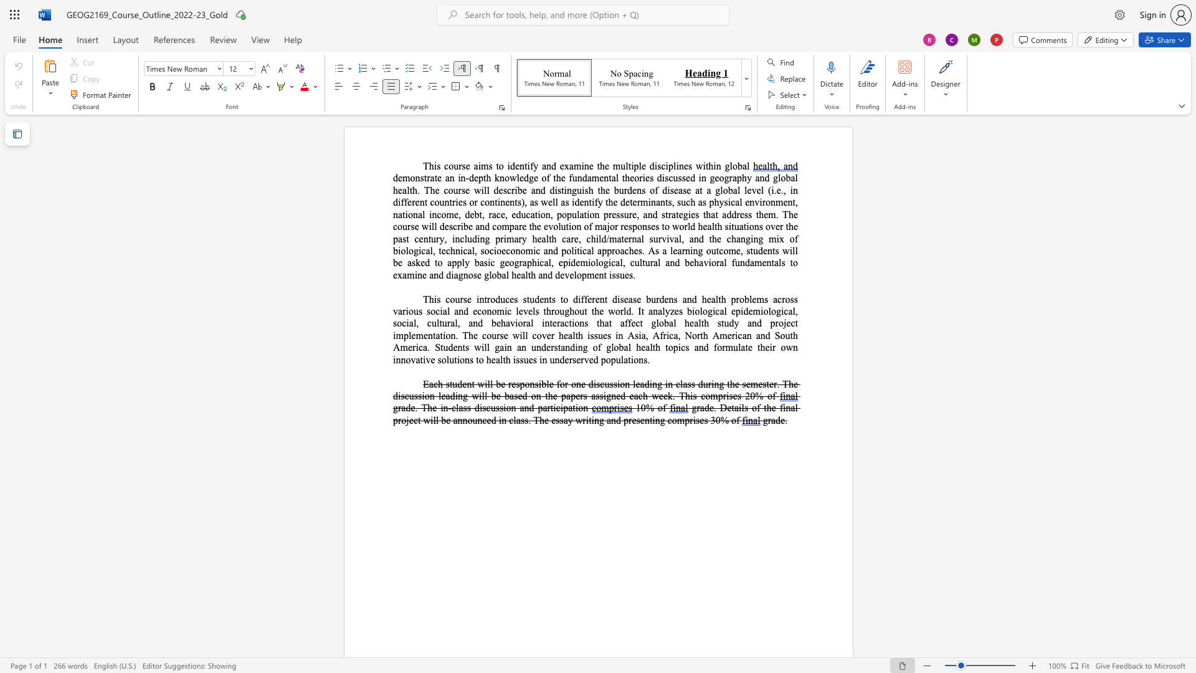  What do you see at coordinates (762, 383) in the screenshot?
I see `the space between the continuous character "e" and "s" in the text` at bounding box center [762, 383].